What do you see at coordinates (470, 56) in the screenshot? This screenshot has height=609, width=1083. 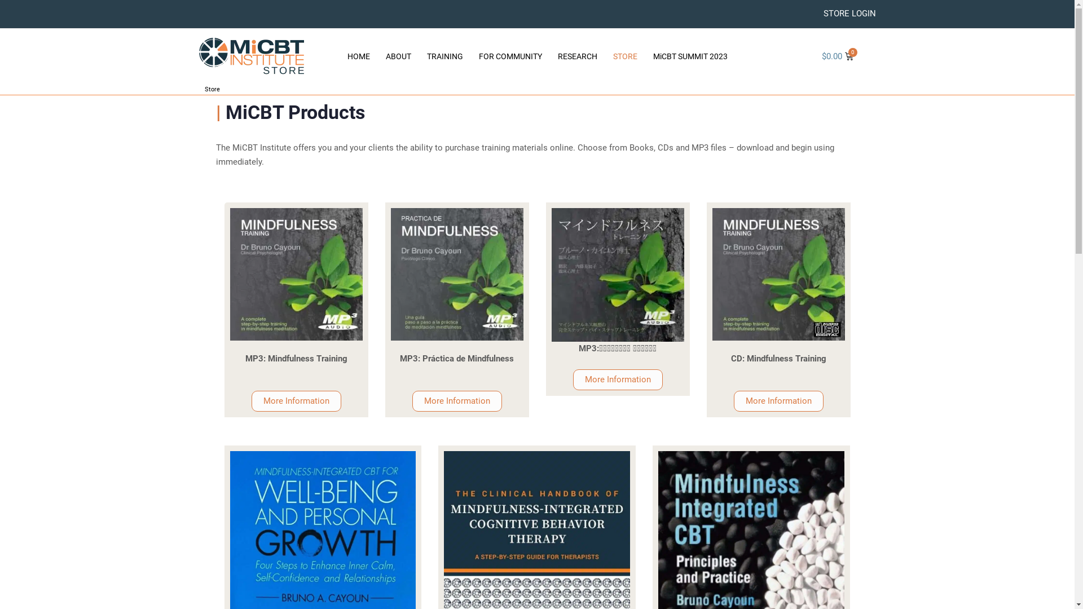 I see `'FOR COMMUNITY'` at bounding box center [470, 56].